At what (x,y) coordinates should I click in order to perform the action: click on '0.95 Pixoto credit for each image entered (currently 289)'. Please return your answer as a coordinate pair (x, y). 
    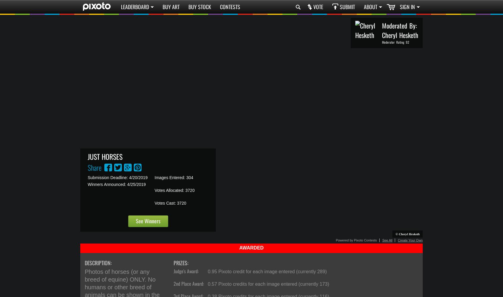
    Looking at the image, I should click on (267, 271).